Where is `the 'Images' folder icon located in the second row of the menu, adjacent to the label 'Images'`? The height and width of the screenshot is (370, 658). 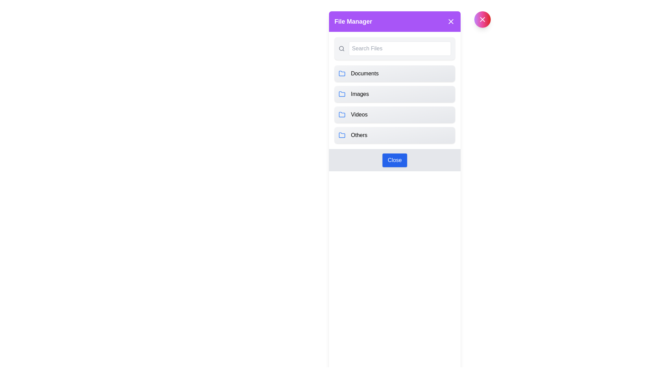
the 'Images' folder icon located in the second row of the menu, adjacent to the label 'Images' is located at coordinates (342, 94).